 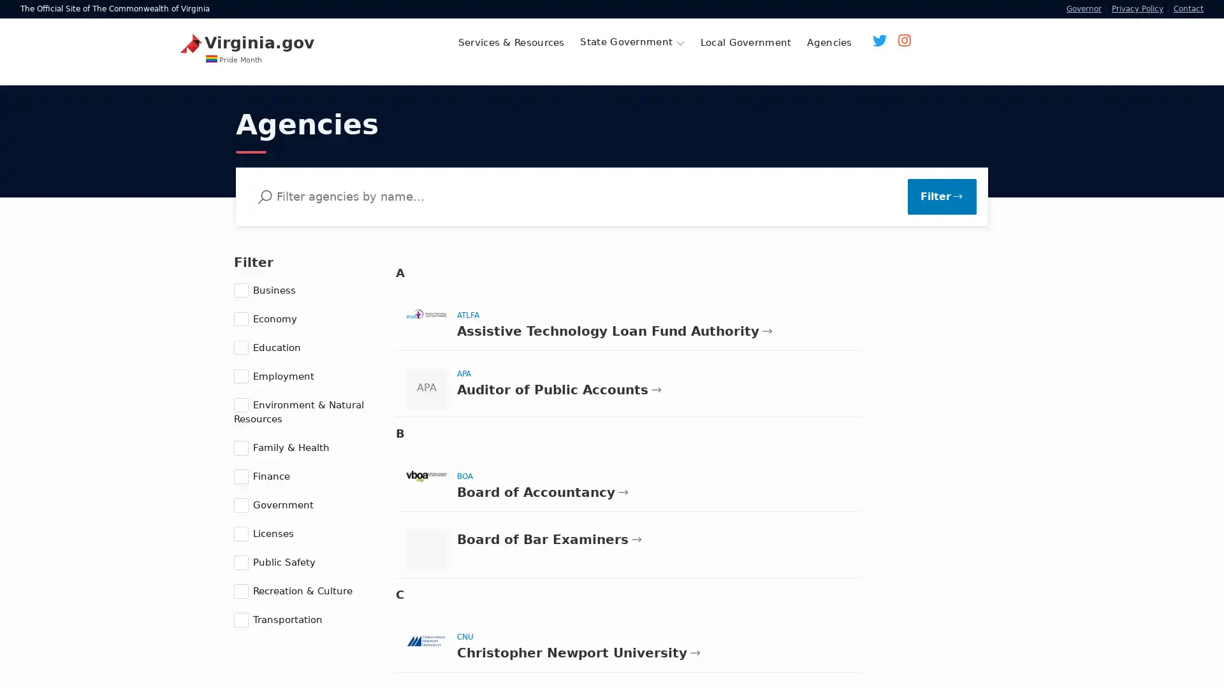 I want to click on Filter Results, so click(x=942, y=196).